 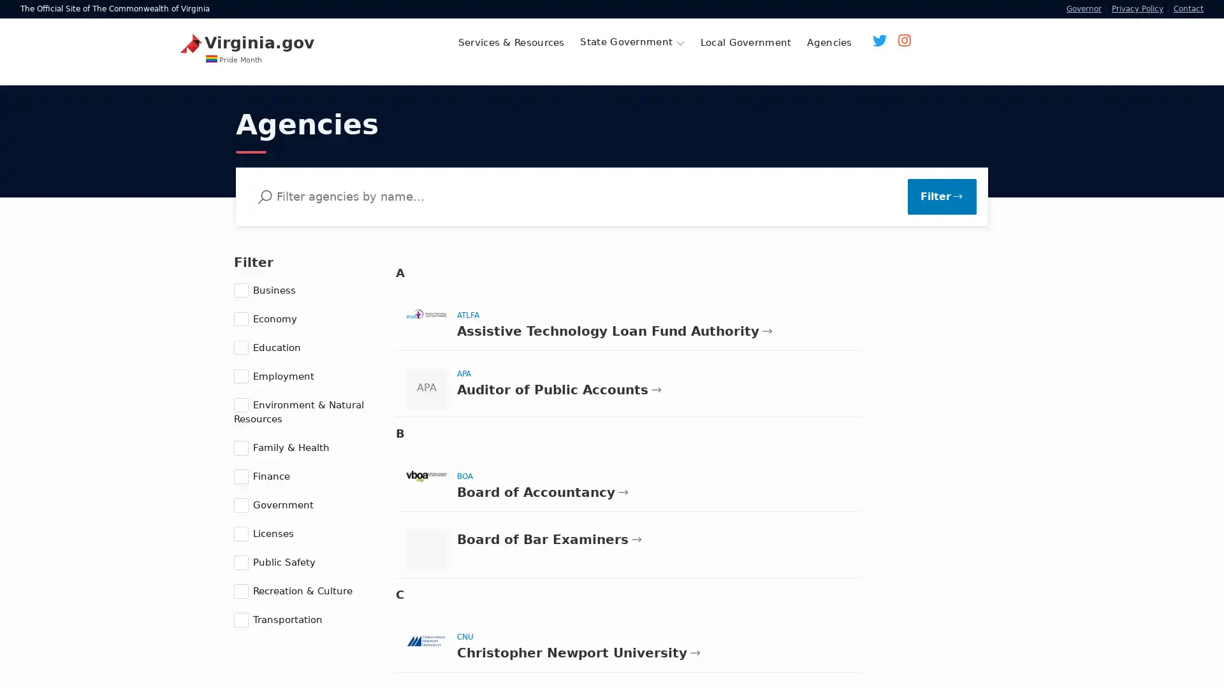 I want to click on Filter Results, so click(x=942, y=196).